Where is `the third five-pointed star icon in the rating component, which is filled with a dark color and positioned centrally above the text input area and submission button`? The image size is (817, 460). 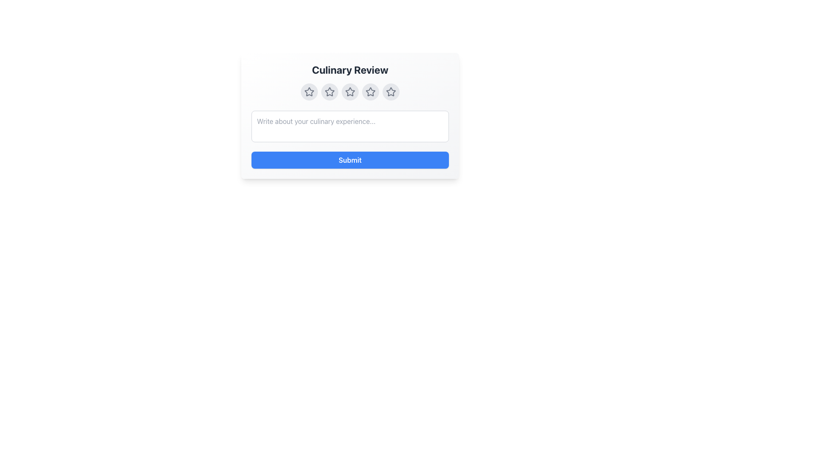
the third five-pointed star icon in the rating component, which is filled with a dark color and positioned centrally above the text input area and submission button is located at coordinates (350, 92).